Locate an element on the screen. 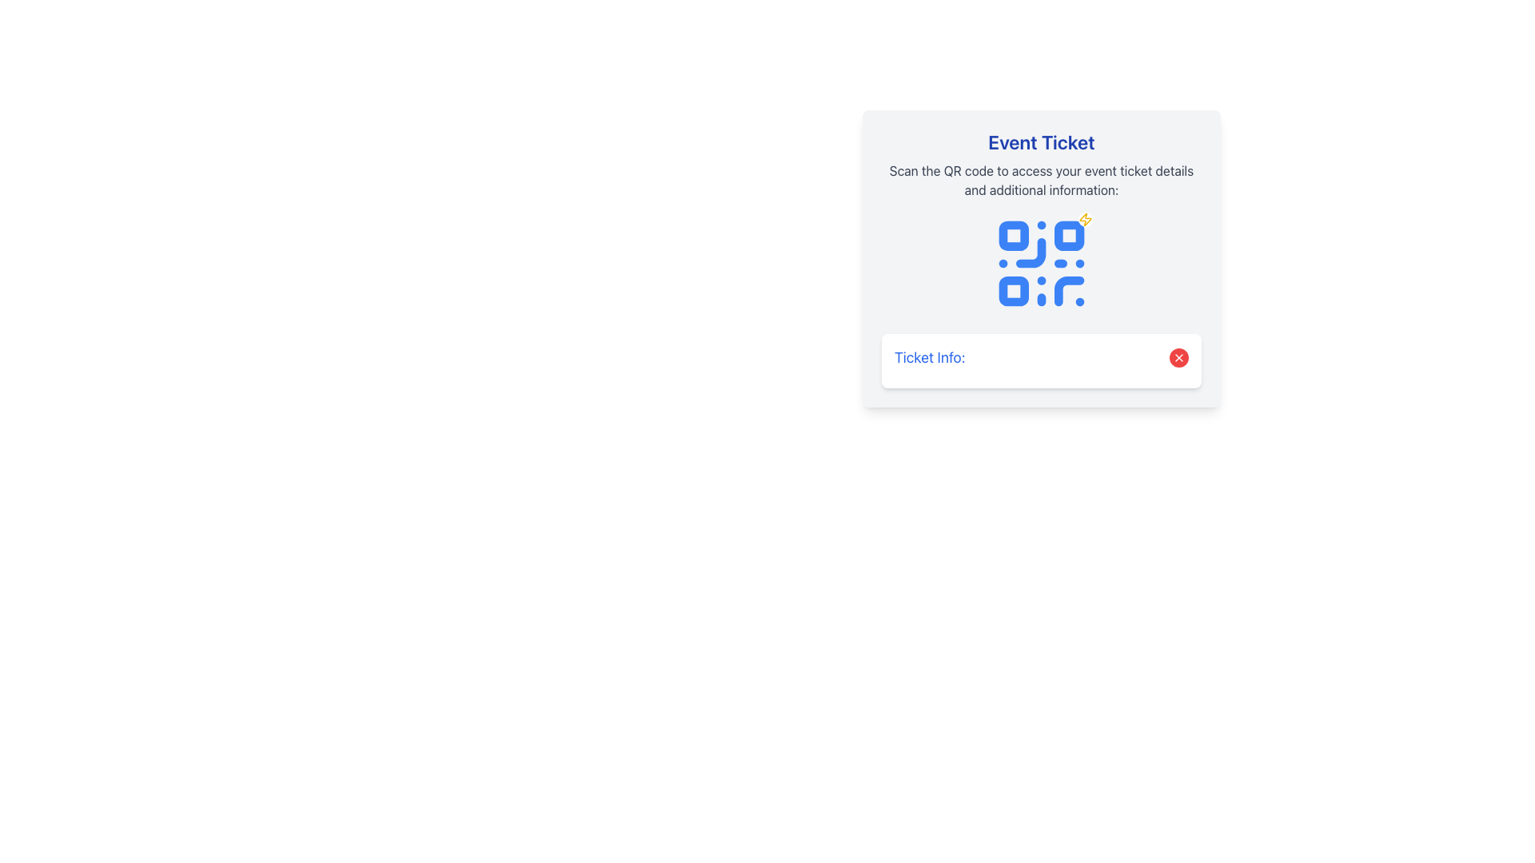 Image resolution: width=1535 pixels, height=863 pixels. instructions provided by the static text label located below the 'Event Ticket' title and above the QR code section is located at coordinates (1041, 180).